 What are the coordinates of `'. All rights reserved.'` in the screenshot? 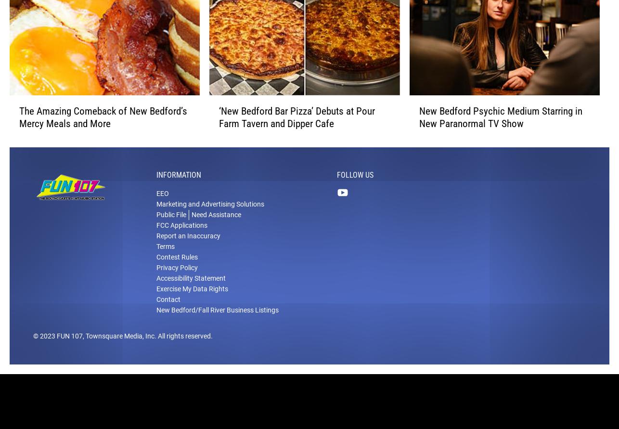 It's located at (183, 349).